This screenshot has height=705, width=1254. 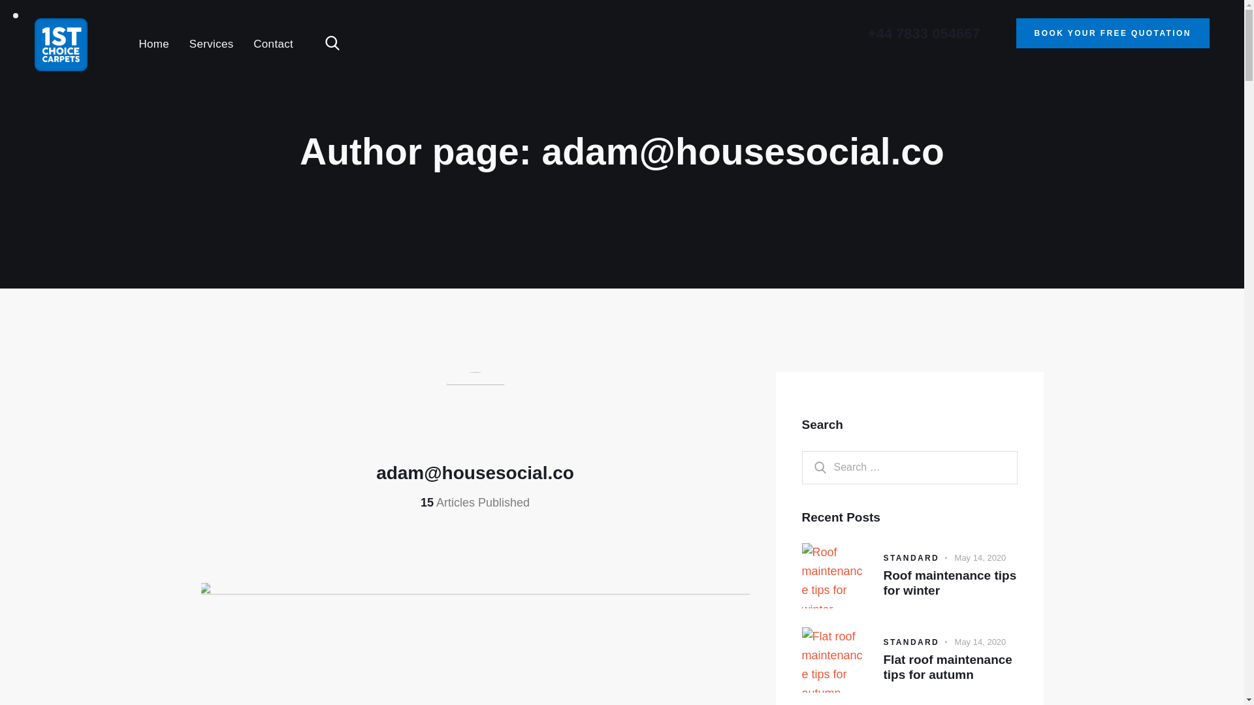 What do you see at coordinates (950, 667) in the screenshot?
I see `'Flat roof maintenance tips for autumn'` at bounding box center [950, 667].